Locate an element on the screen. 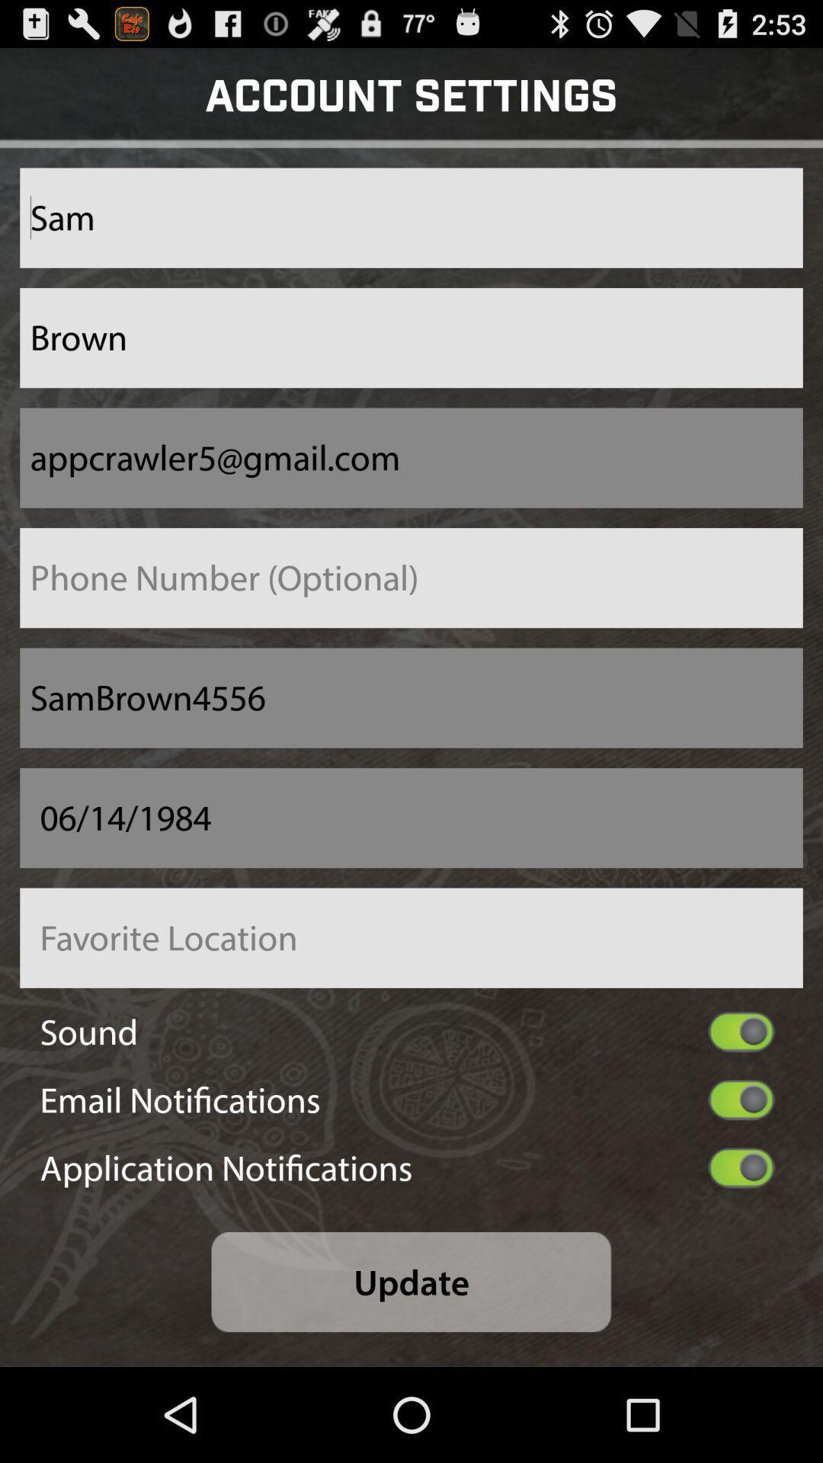 The width and height of the screenshot is (823, 1463). sound is located at coordinates (741, 1032).